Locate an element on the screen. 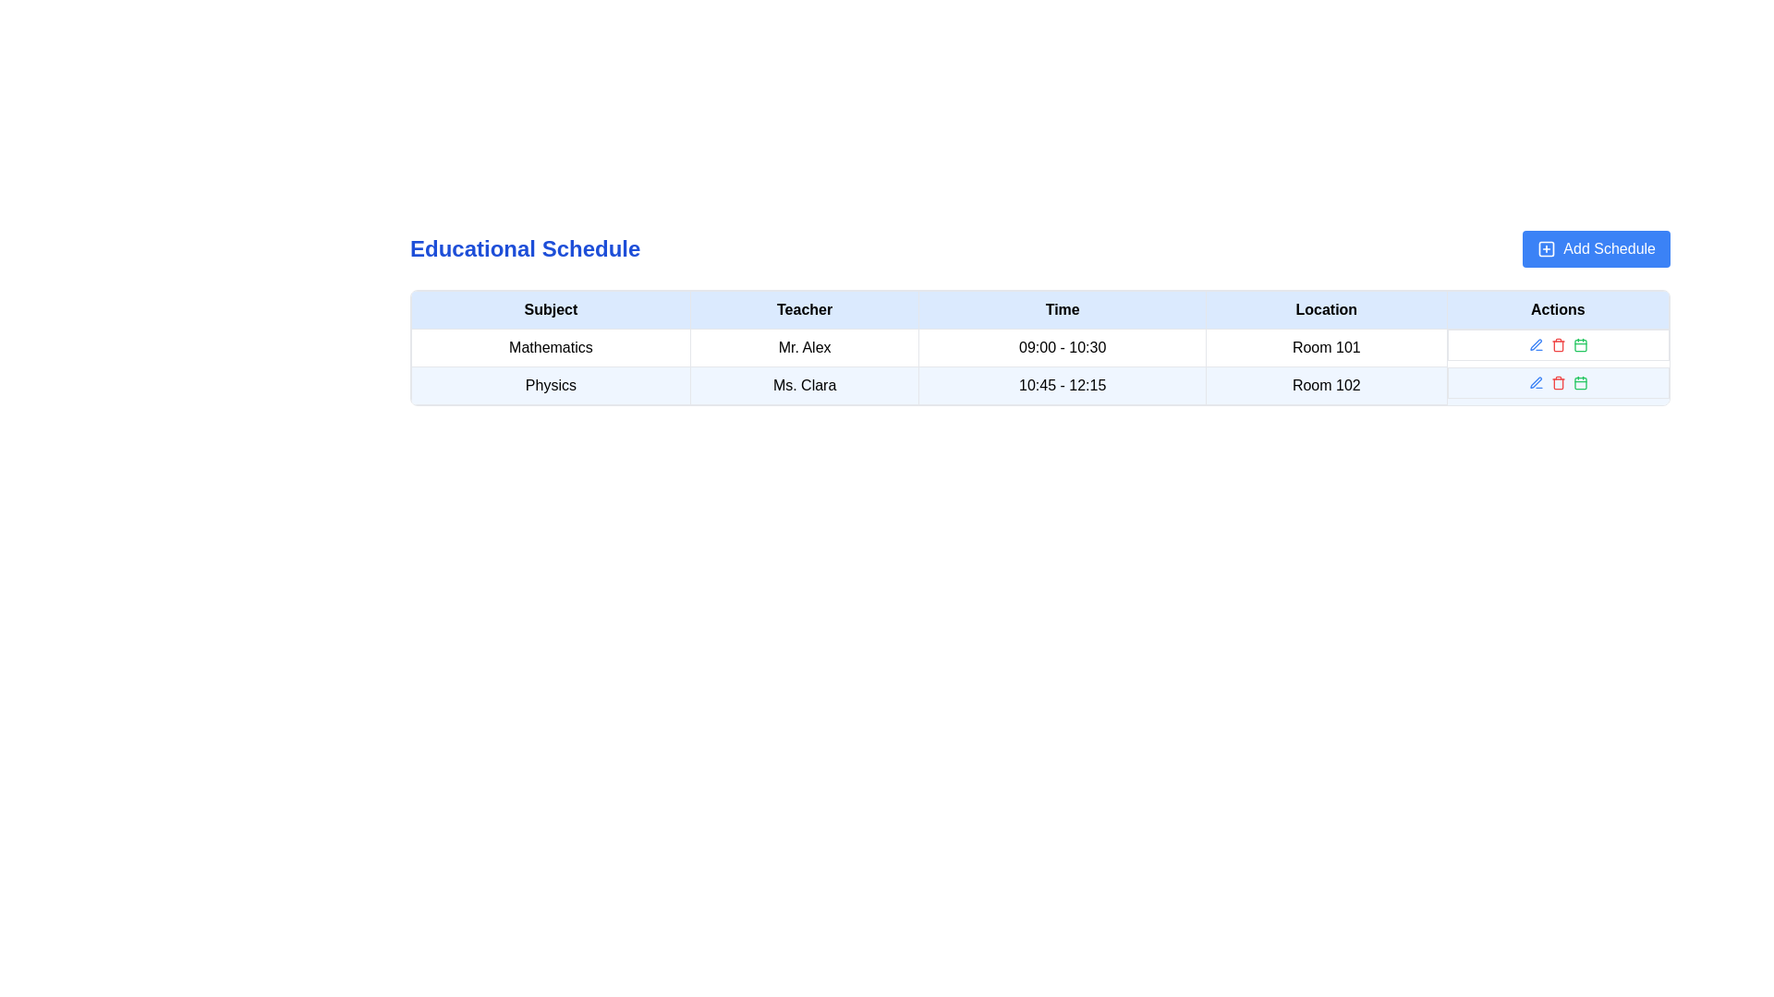  the time slot information displayed in the text label showing '10:45 - 12:15' within the Physics table row is located at coordinates (1063, 384).